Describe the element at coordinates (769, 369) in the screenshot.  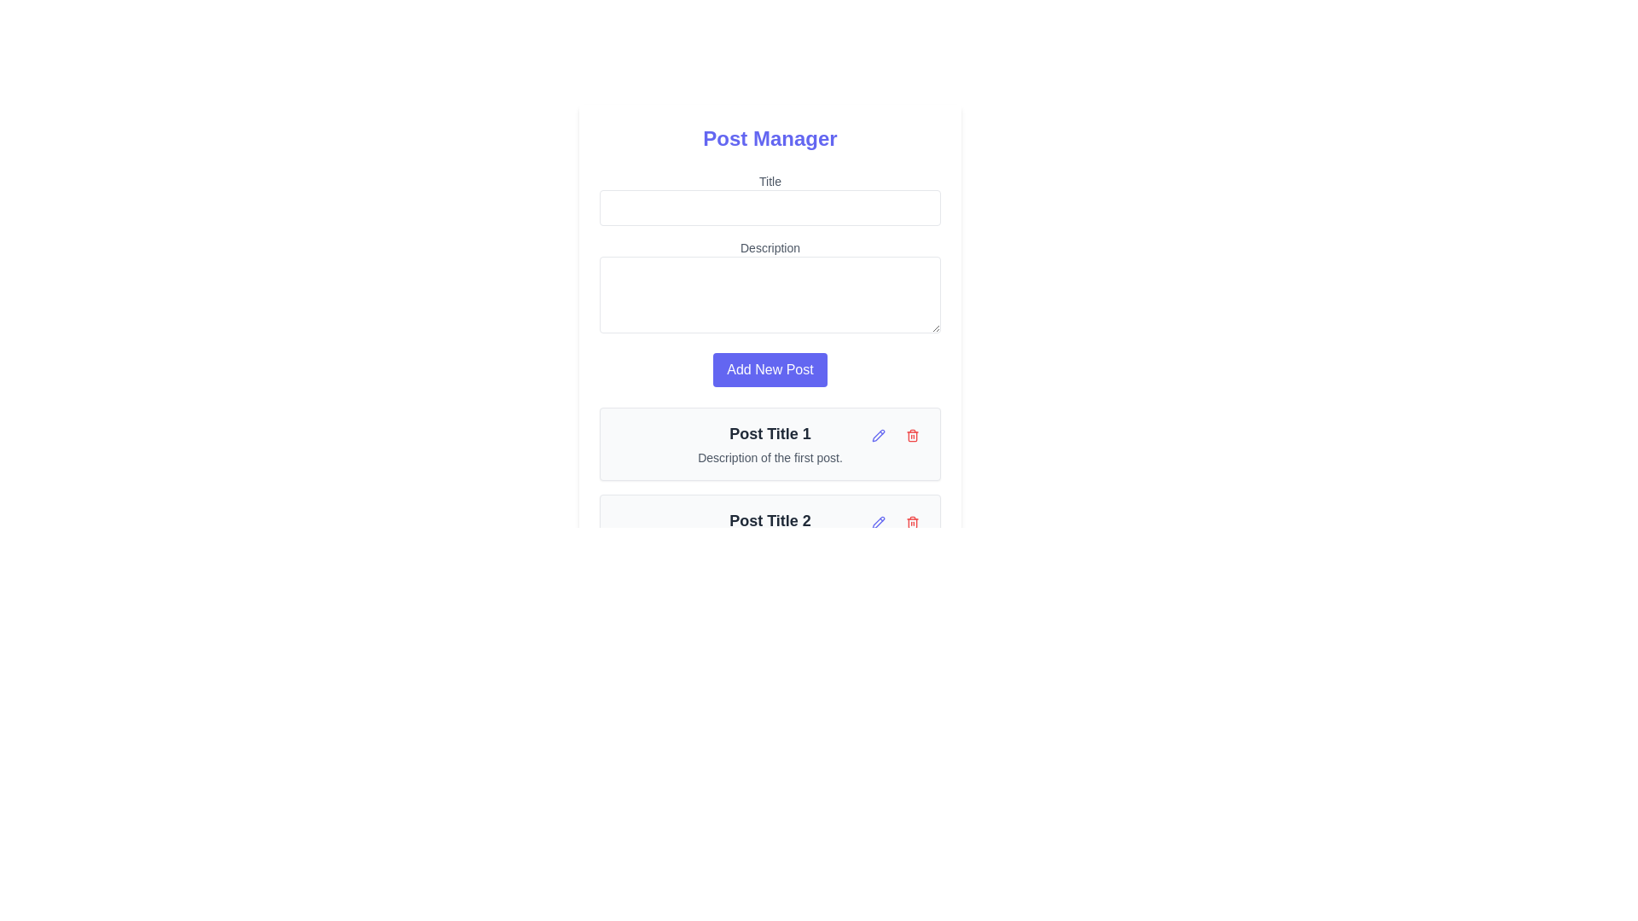
I see `the centrally aligned button at the bottom of the form` at that location.